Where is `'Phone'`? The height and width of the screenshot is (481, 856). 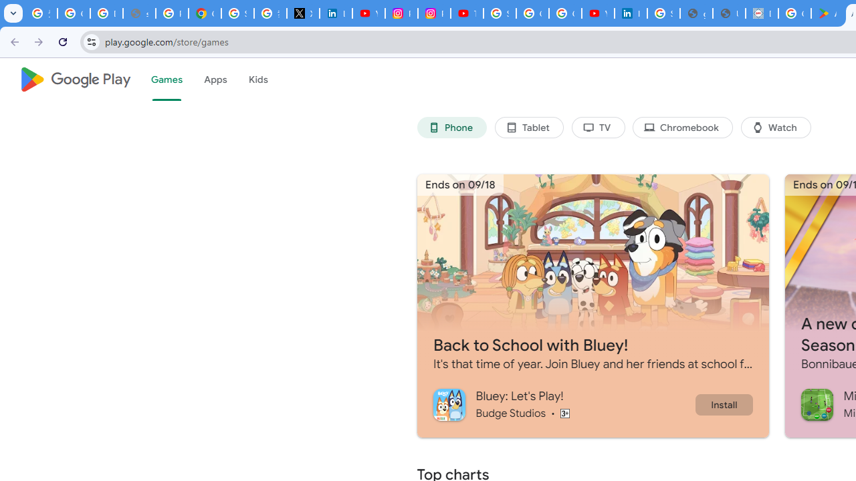
'Phone' is located at coordinates (451, 128).